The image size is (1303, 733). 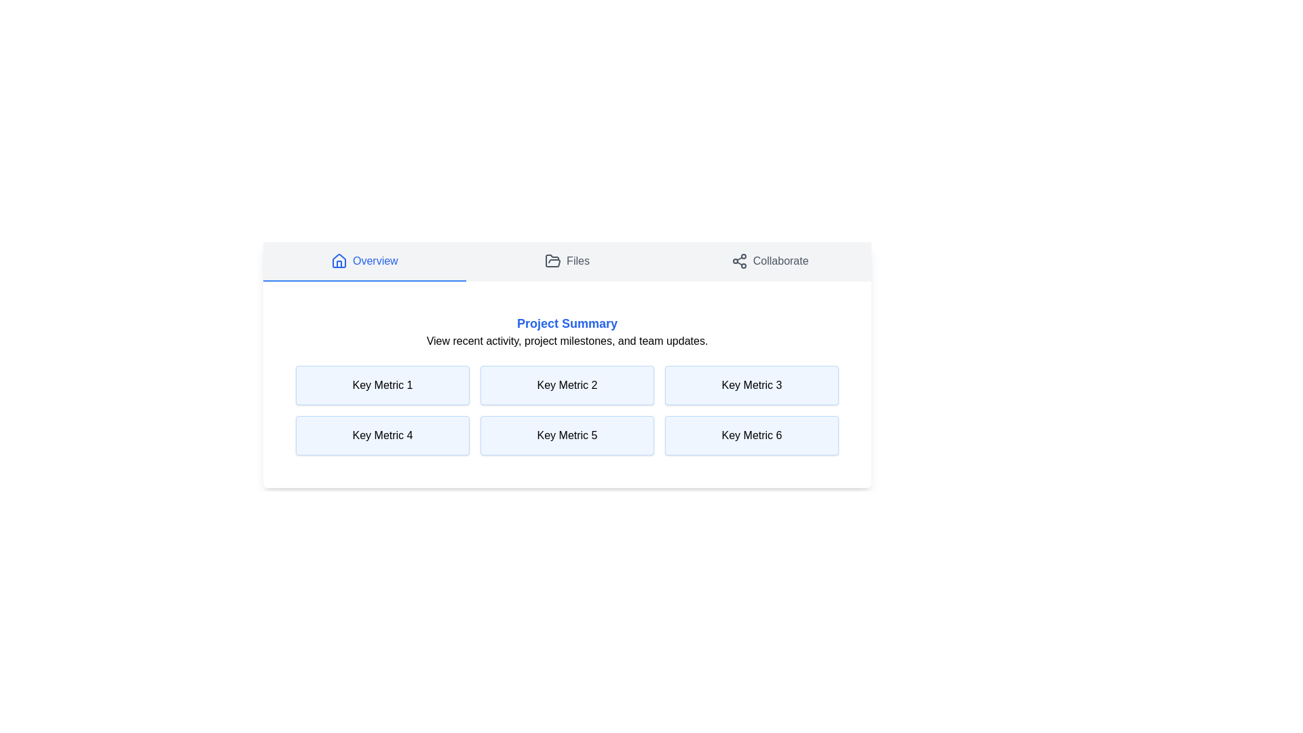 I want to click on displayed information from the Grid of informational cards, which is located centrally below the 'Project Summary' title and description in a white background section, so click(x=567, y=410).